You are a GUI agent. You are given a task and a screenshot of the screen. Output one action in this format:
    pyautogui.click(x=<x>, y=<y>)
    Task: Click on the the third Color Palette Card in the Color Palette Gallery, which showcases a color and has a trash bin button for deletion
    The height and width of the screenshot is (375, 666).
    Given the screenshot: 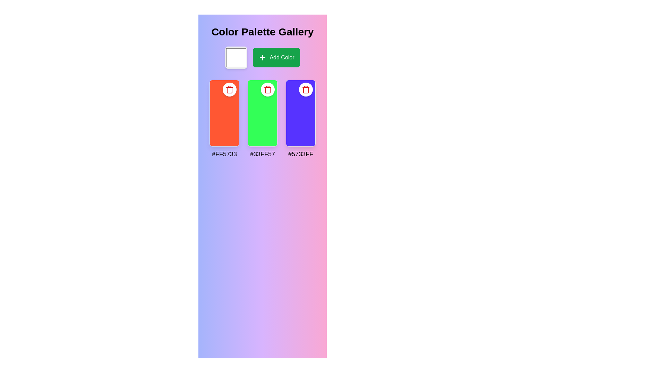 What is the action you would take?
    pyautogui.click(x=301, y=119)
    